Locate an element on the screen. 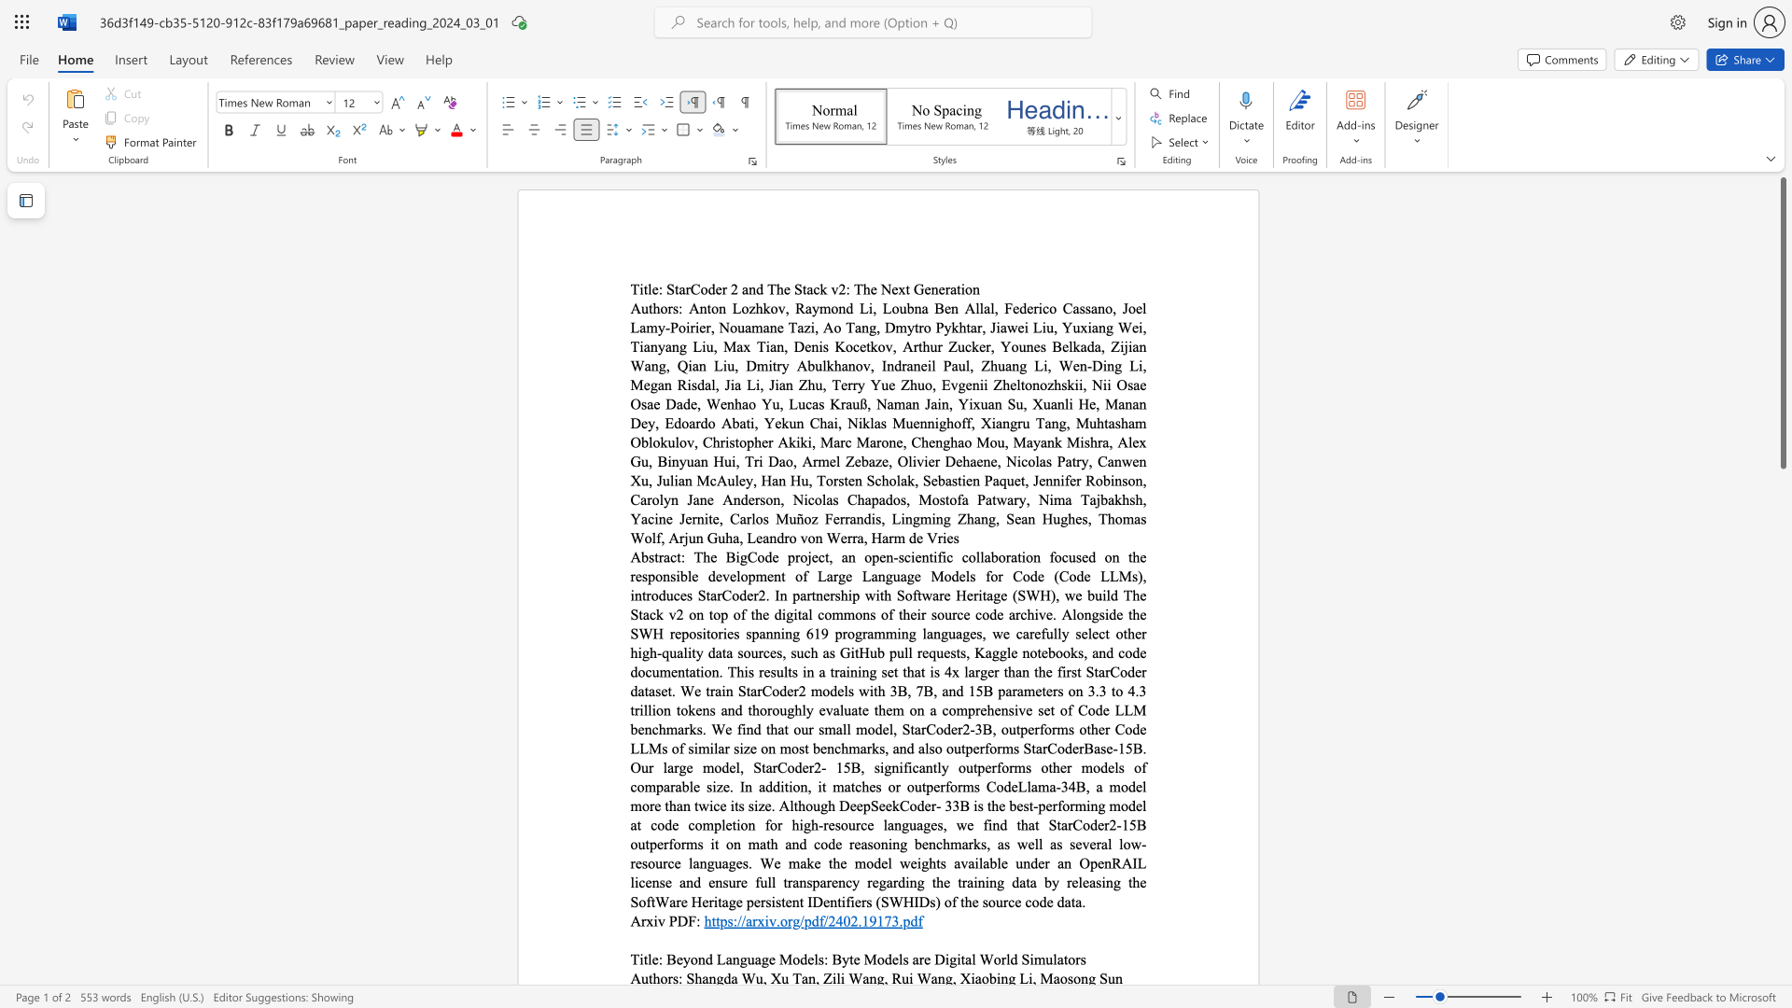 The image size is (1792, 1008). the 40th character "r" in the text is located at coordinates (810, 728).